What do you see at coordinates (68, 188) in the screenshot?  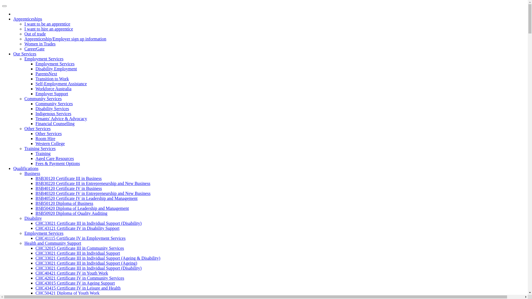 I see `'BSB40120 Certificate IV in Business'` at bounding box center [68, 188].